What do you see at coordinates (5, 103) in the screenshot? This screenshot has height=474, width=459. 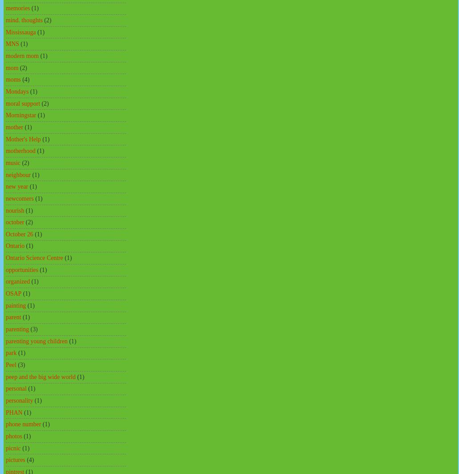 I see `'moral support'` at bounding box center [5, 103].